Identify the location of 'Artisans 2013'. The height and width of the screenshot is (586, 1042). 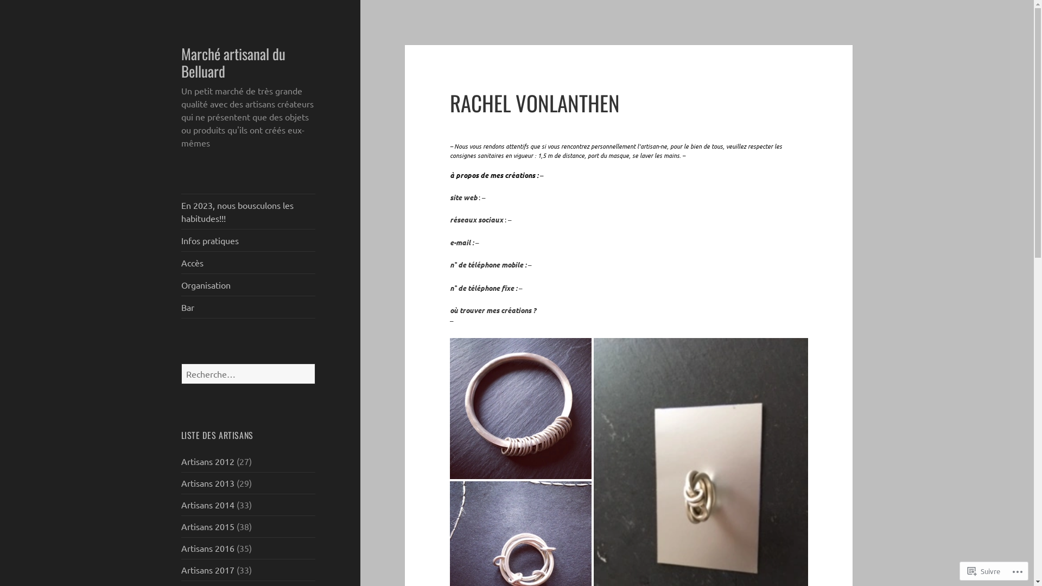
(208, 482).